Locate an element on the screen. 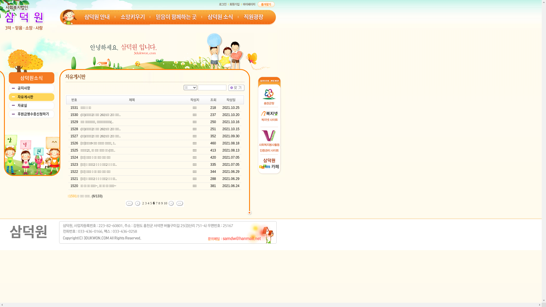 This screenshot has height=307, width=546. '2' is located at coordinates (143, 203).